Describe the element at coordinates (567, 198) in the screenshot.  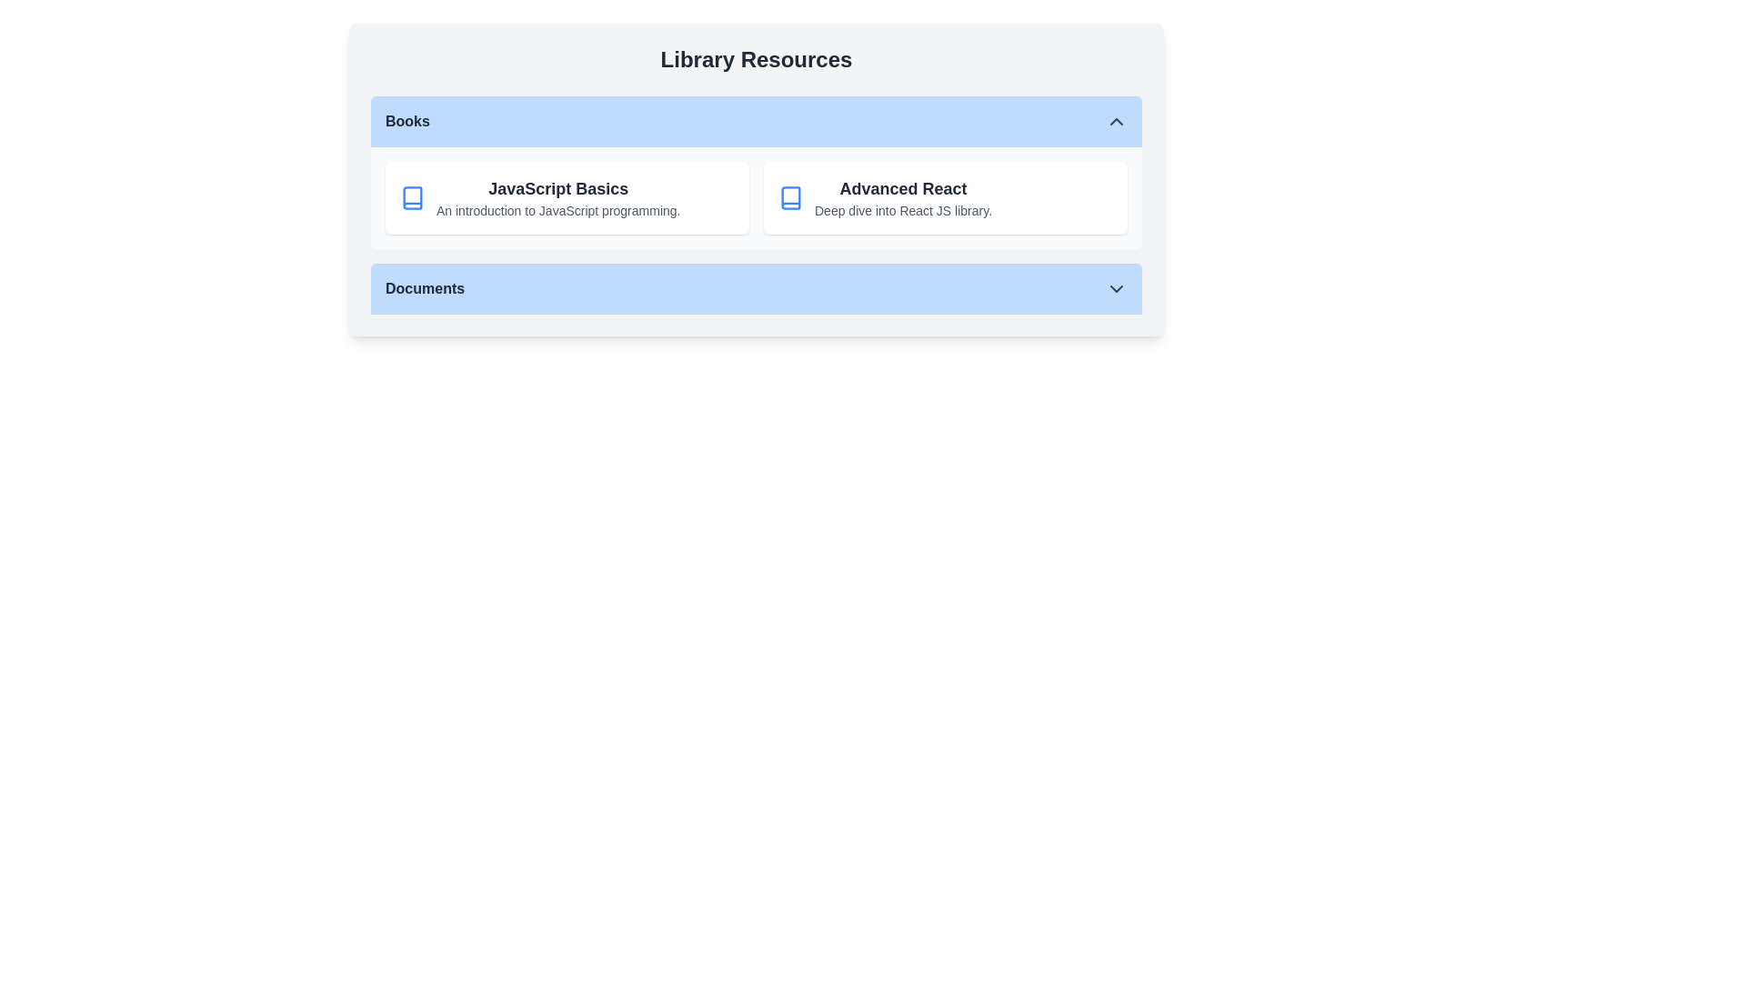
I see `informational card titled 'JavaScript Basics' located in the top-left section of the grid layout under the 'Books' section of the 'Library Resources' panel` at that location.